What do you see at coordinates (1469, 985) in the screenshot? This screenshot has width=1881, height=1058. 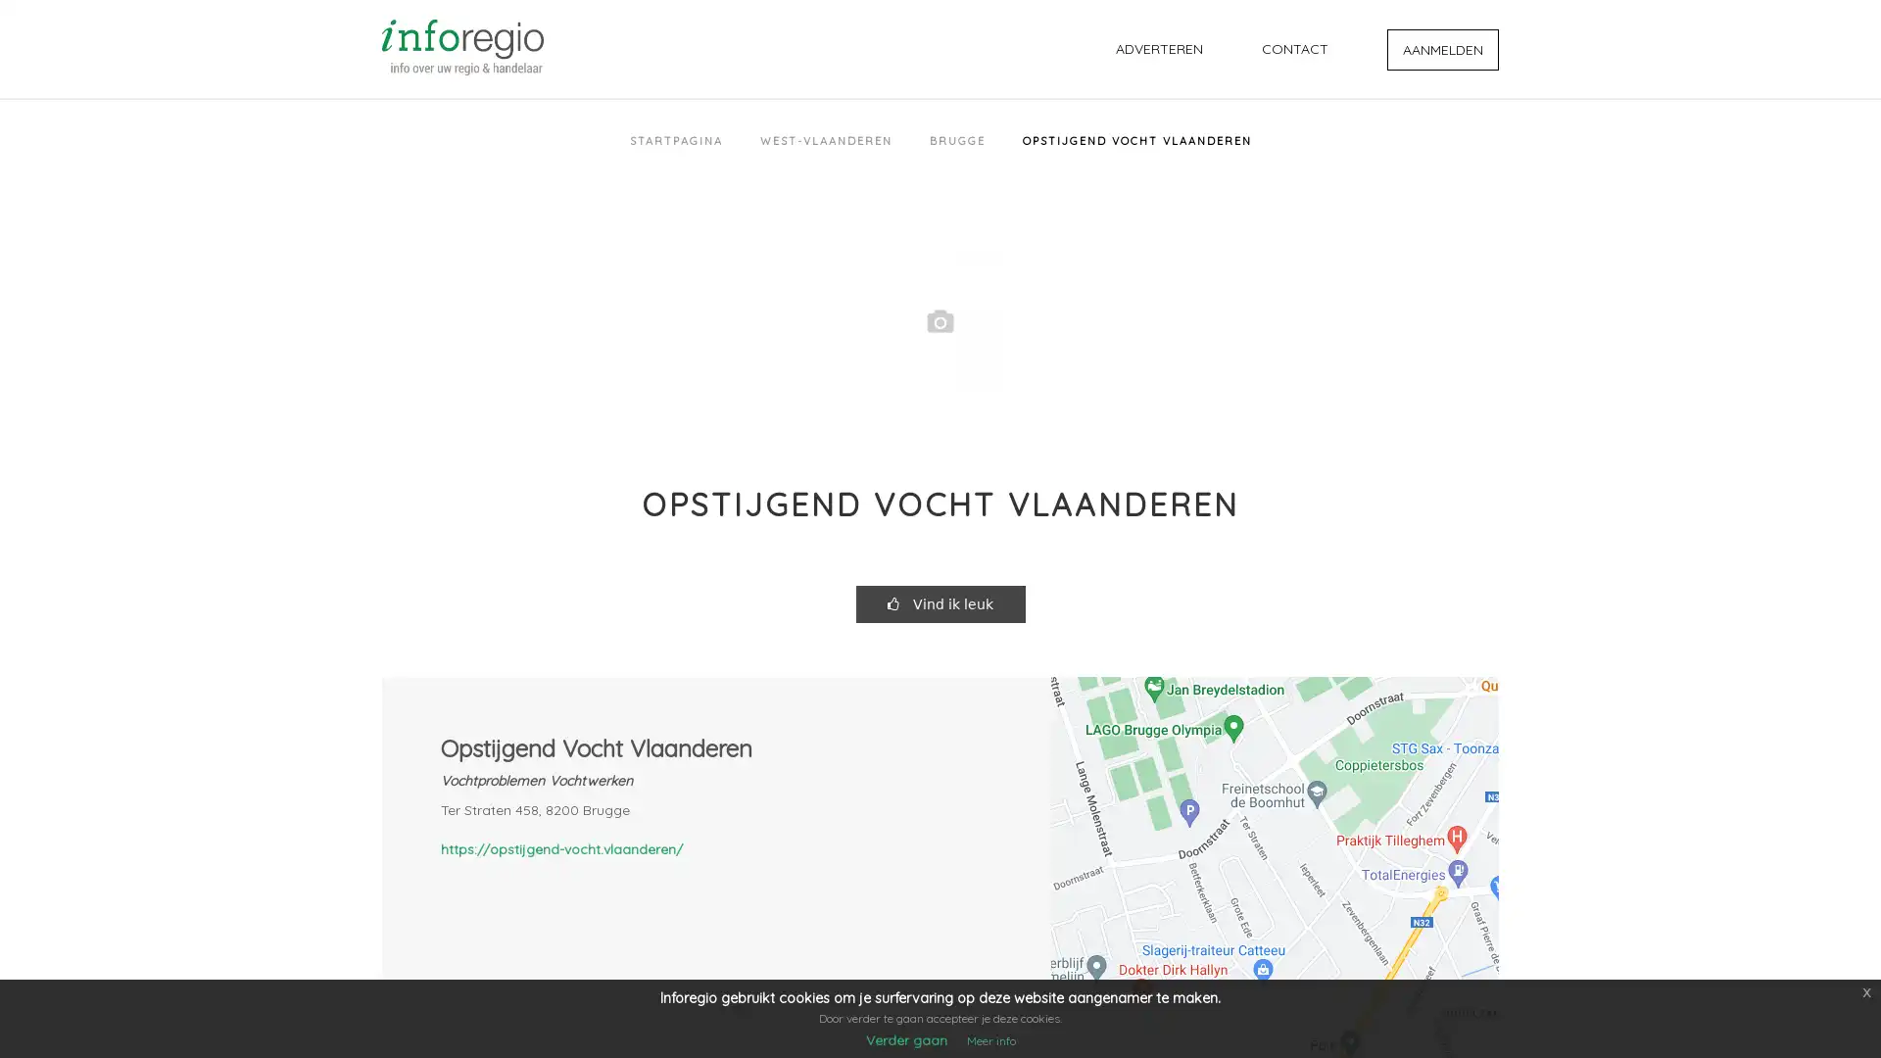 I see `Zoom in` at bounding box center [1469, 985].